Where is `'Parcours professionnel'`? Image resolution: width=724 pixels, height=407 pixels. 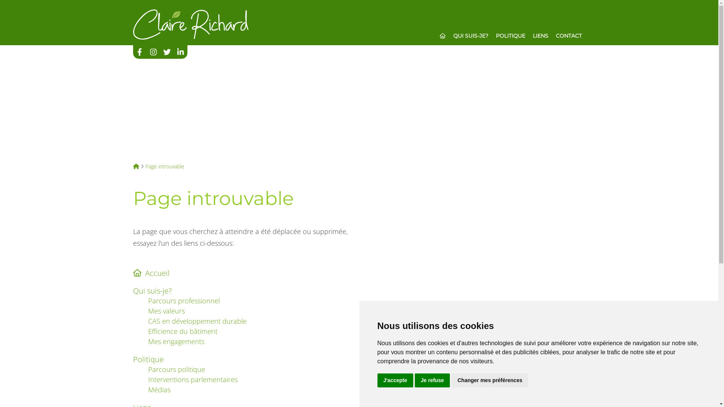
'Parcours professionnel' is located at coordinates (183, 300).